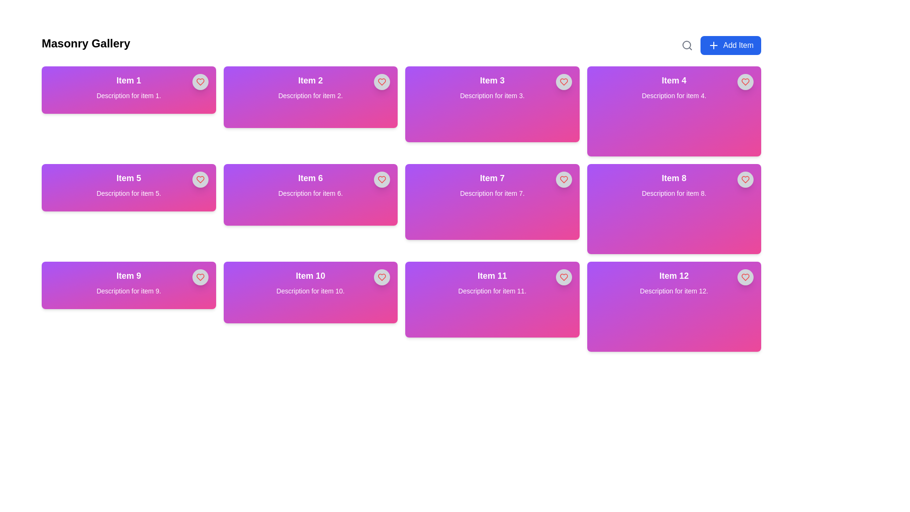 The height and width of the screenshot is (512, 910). Describe the element at coordinates (310, 80) in the screenshot. I see `the header text label 'Item 2' which is styled with a bold font and a gradient purple to pink background at the top of the second card in the first row` at that location.